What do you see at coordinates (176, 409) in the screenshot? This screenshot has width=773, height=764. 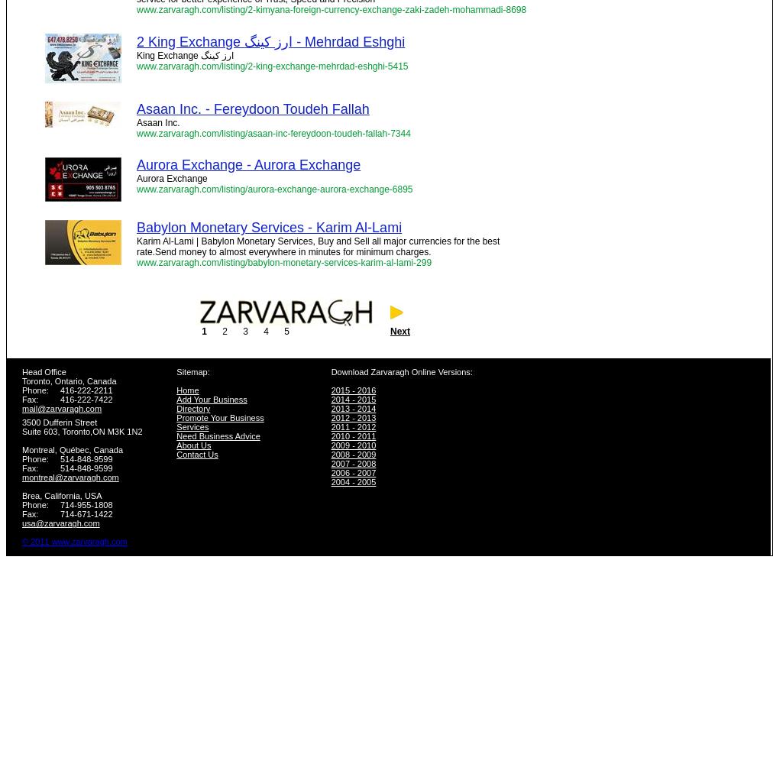 I see `'Directory'` at bounding box center [176, 409].